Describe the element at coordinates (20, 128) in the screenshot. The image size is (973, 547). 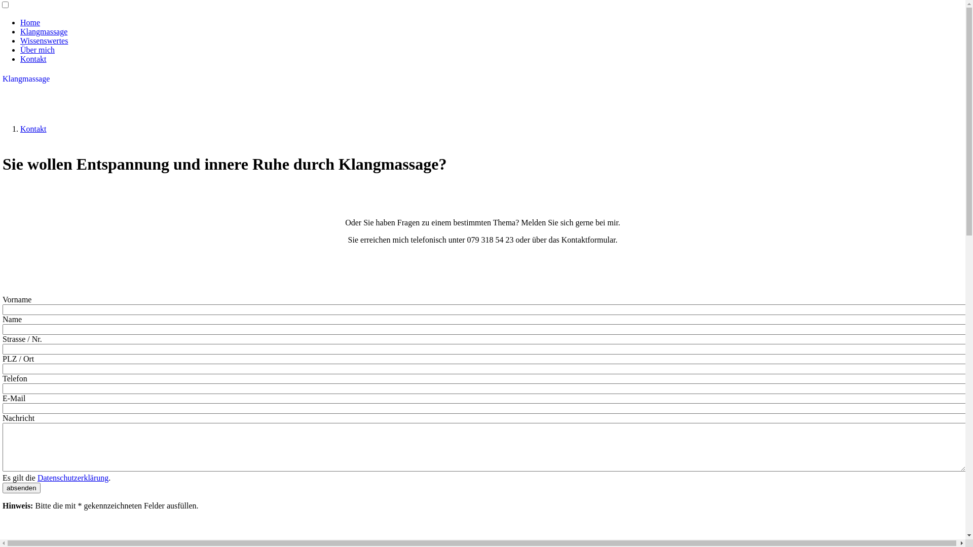
I see `'Kontakt'` at that location.